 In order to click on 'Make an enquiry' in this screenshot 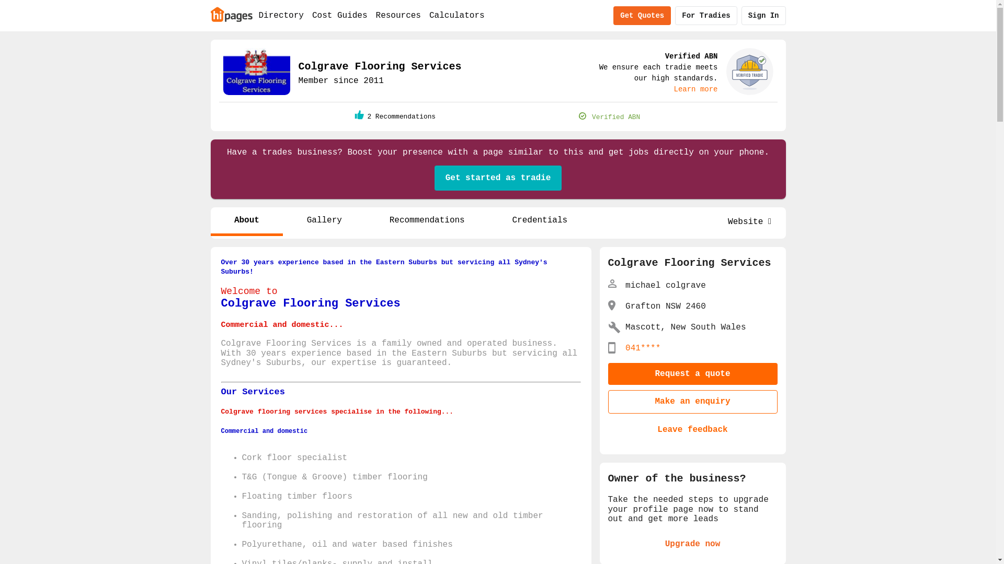, I will do `click(692, 401)`.